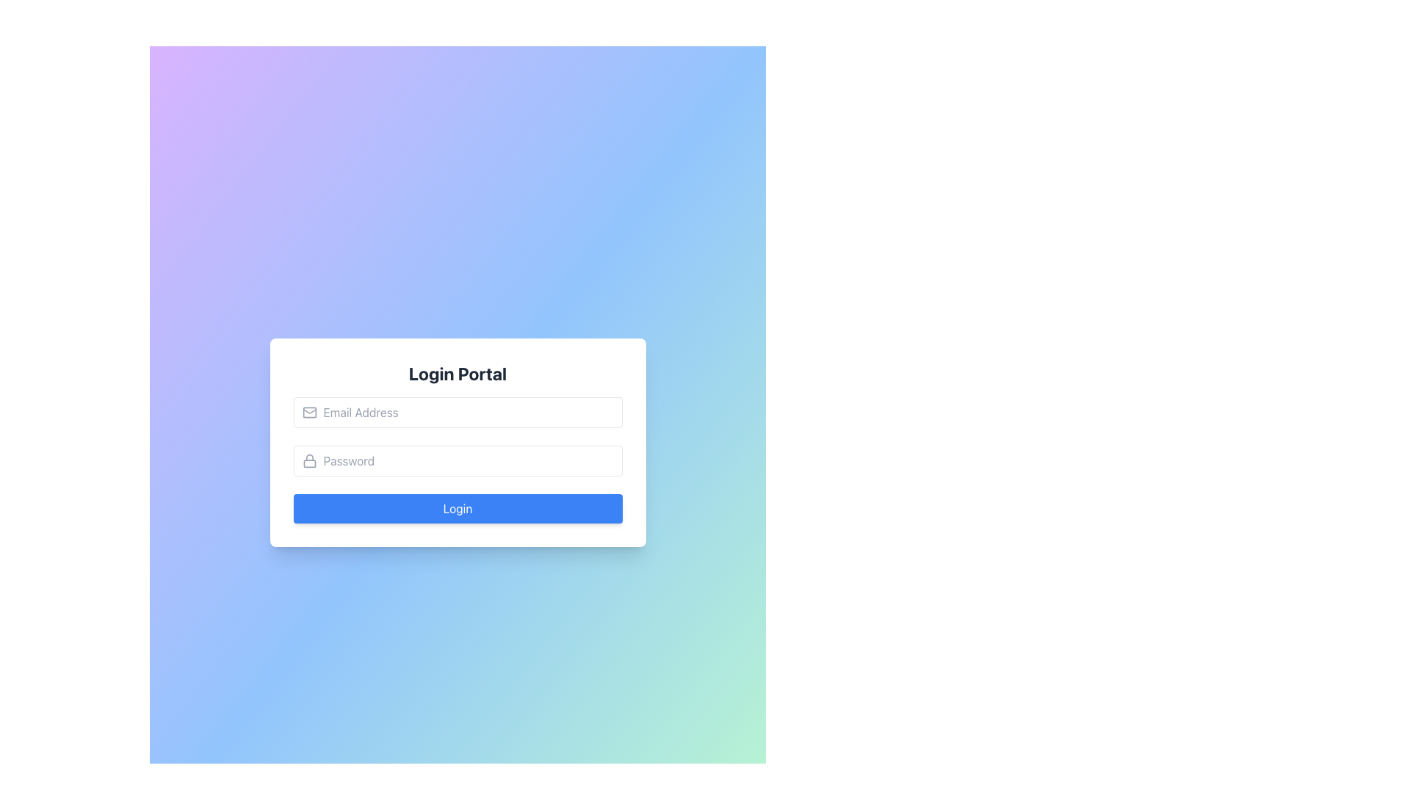  I want to click on the submit button in the 'Login Portal' modal, so click(457, 508).